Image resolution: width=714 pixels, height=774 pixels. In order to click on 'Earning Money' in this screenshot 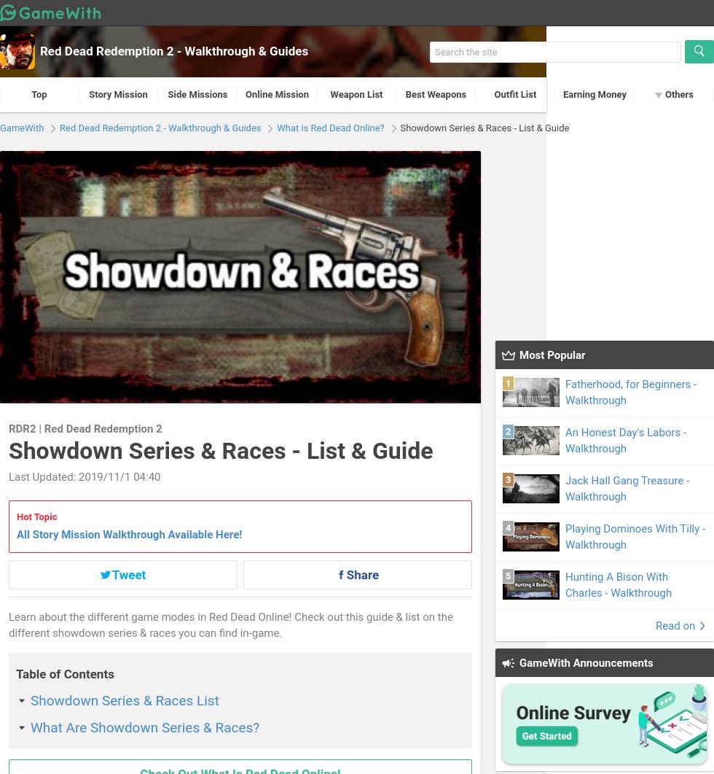, I will do `click(595, 94)`.